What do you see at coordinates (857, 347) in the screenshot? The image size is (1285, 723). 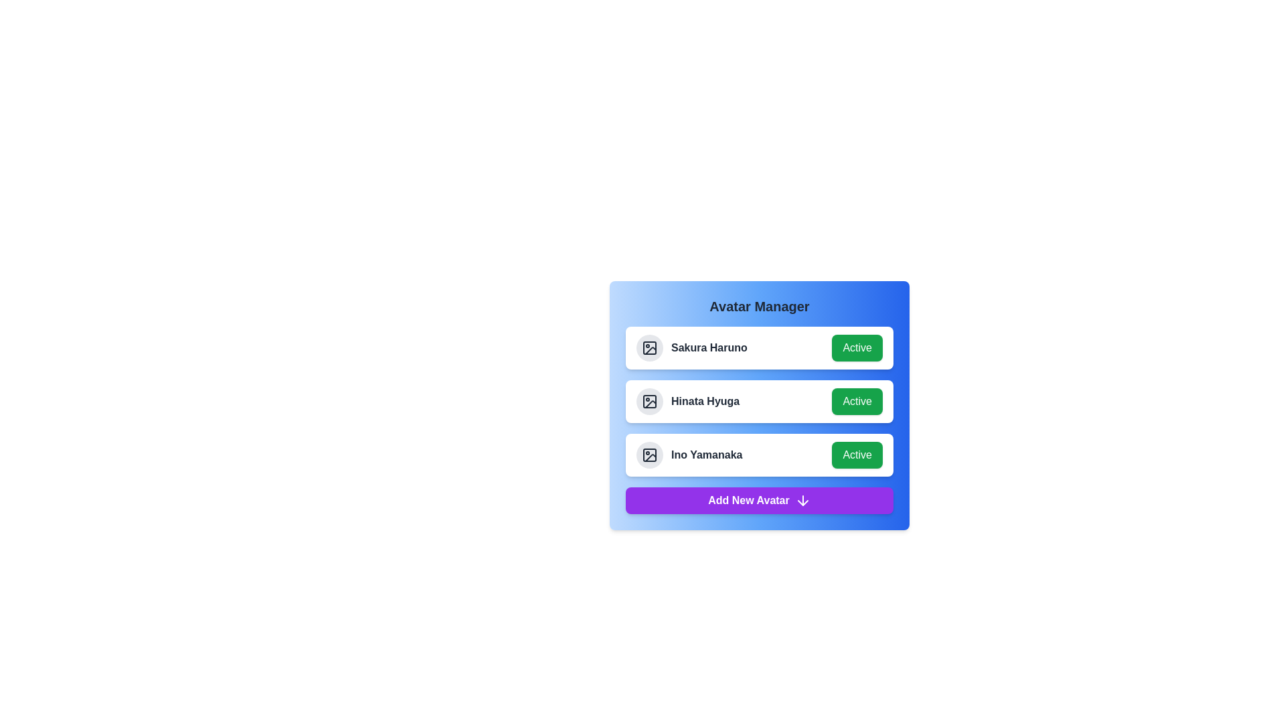 I see `the status indicator button for 'Sakura Haruno'` at bounding box center [857, 347].